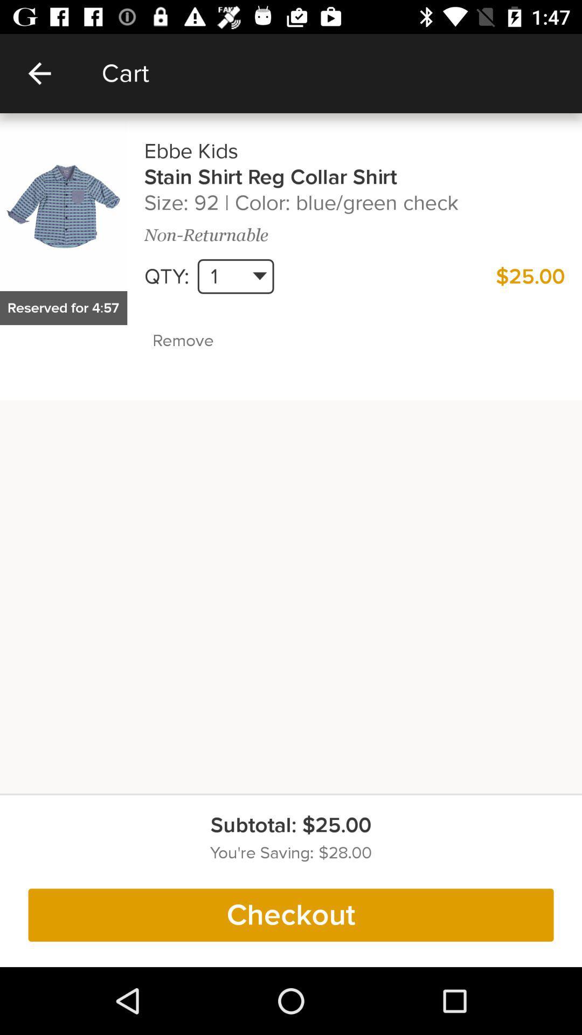 The image size is (582, 1035). I want to click on remove item, so click(206, 340).